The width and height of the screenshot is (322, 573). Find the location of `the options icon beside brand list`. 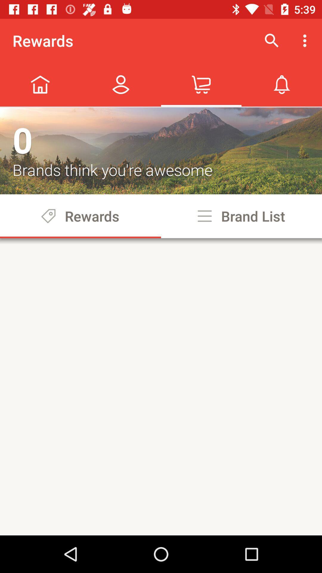

the options icon beside brand list is located at coordinates (204, 216).